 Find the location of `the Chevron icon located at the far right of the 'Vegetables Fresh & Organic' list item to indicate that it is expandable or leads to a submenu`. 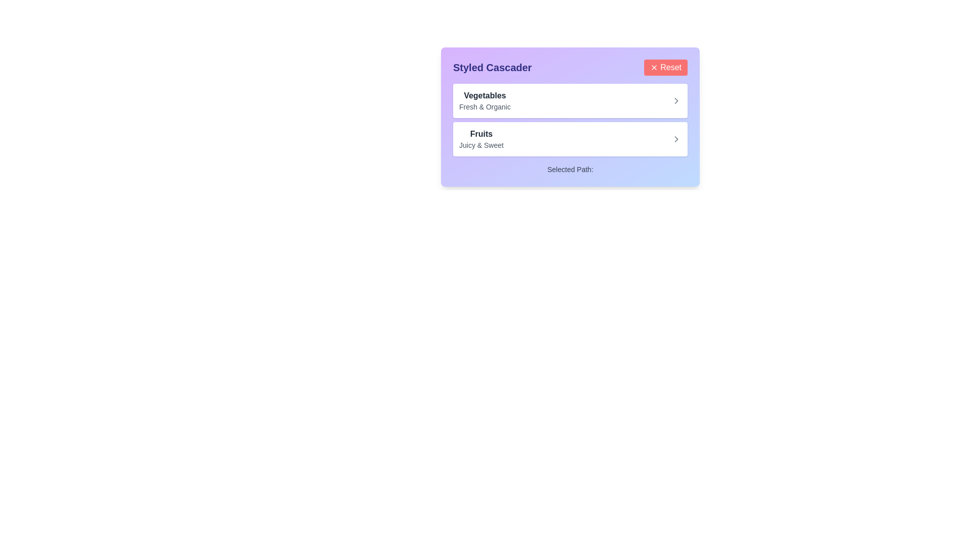

the Chevron icon located at the far right of the 'Vegetables Fresh & Organic' list item to indicate that it is expandable or leads to a submenu is located at coordinates (676, 101).